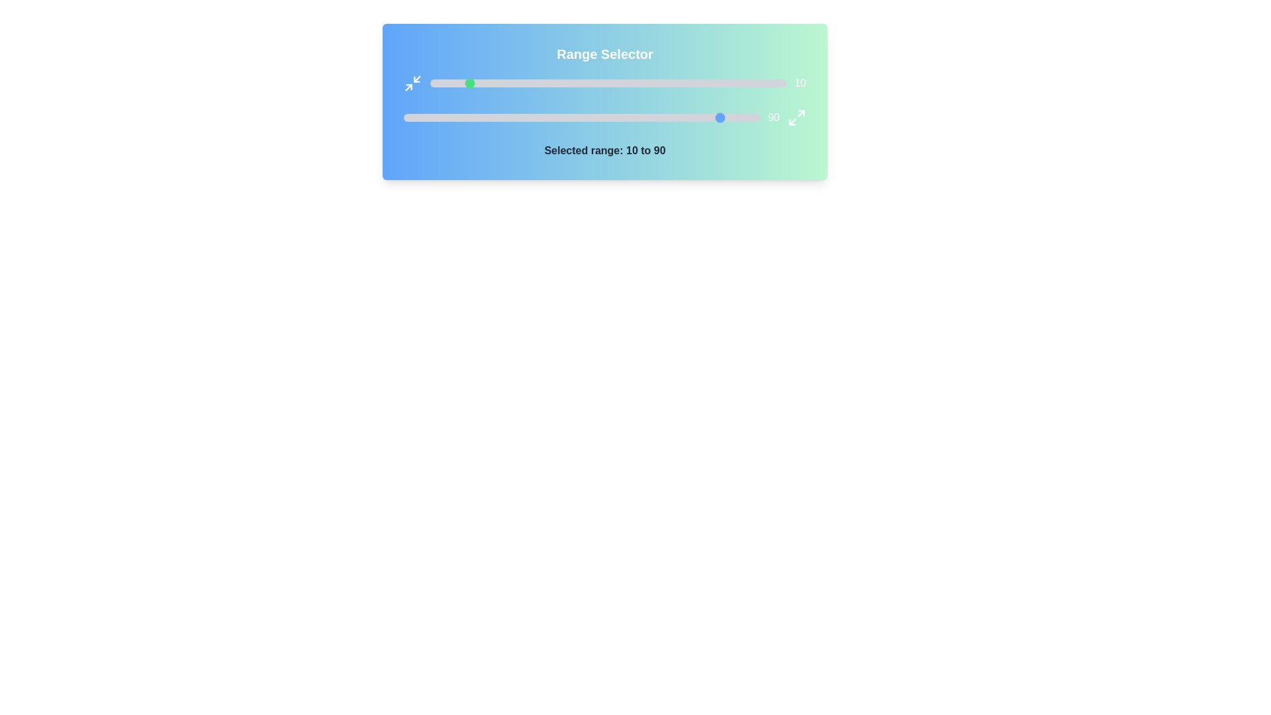  Describe the element at coordinates (479, 83) in the screenshot. I see `the slider value` at that location.